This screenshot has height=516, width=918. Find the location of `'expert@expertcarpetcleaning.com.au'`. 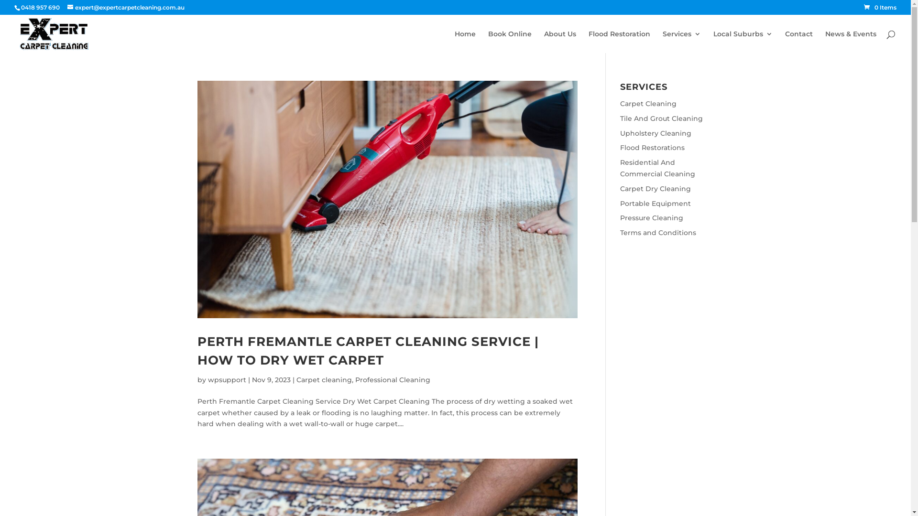

'expert@expertcarpetcleaning.com.au' is located at coordinates (125, 7).